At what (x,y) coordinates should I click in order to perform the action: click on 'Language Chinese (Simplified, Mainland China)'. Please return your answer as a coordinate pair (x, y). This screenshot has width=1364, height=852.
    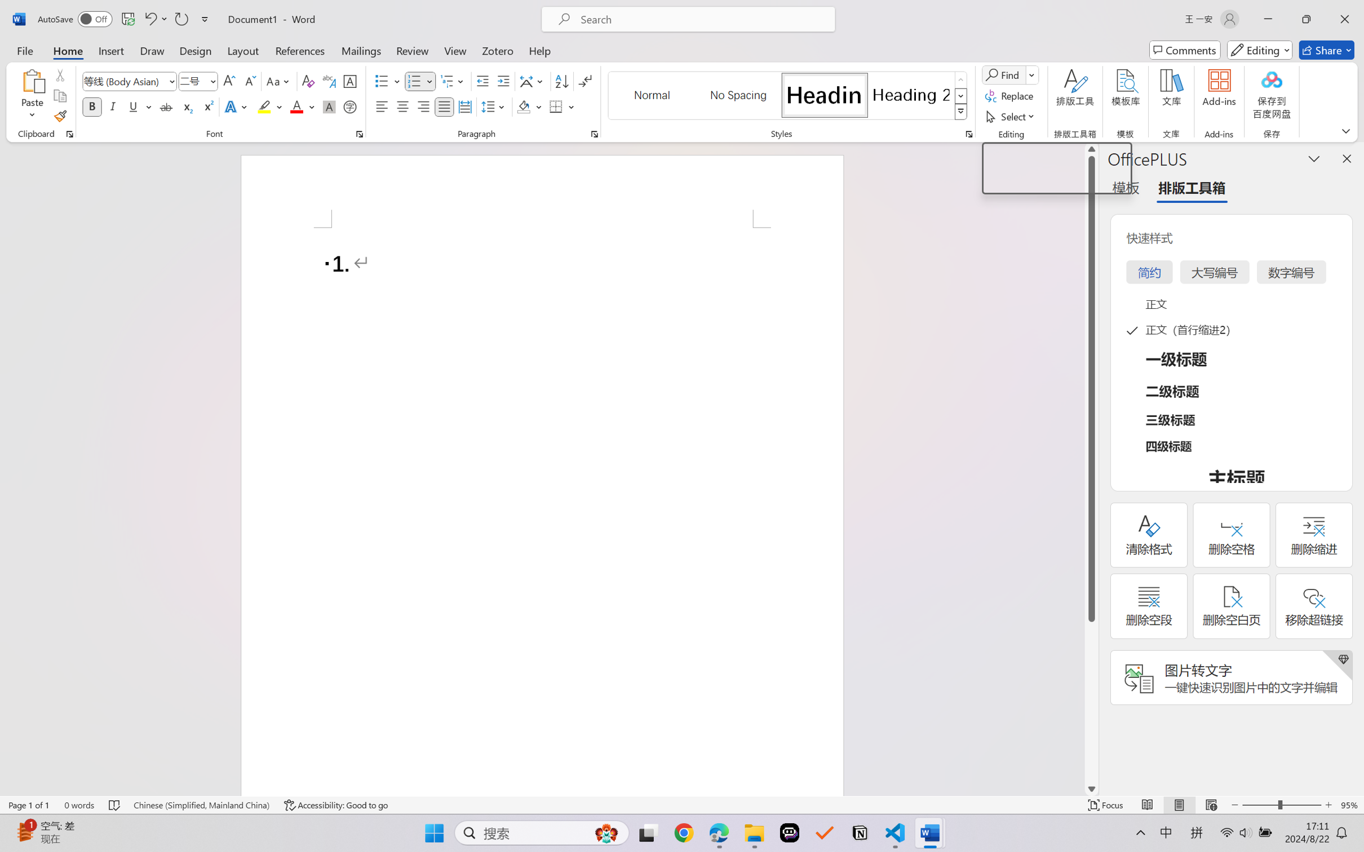
    Looking at the image, I should click on (201, 805).